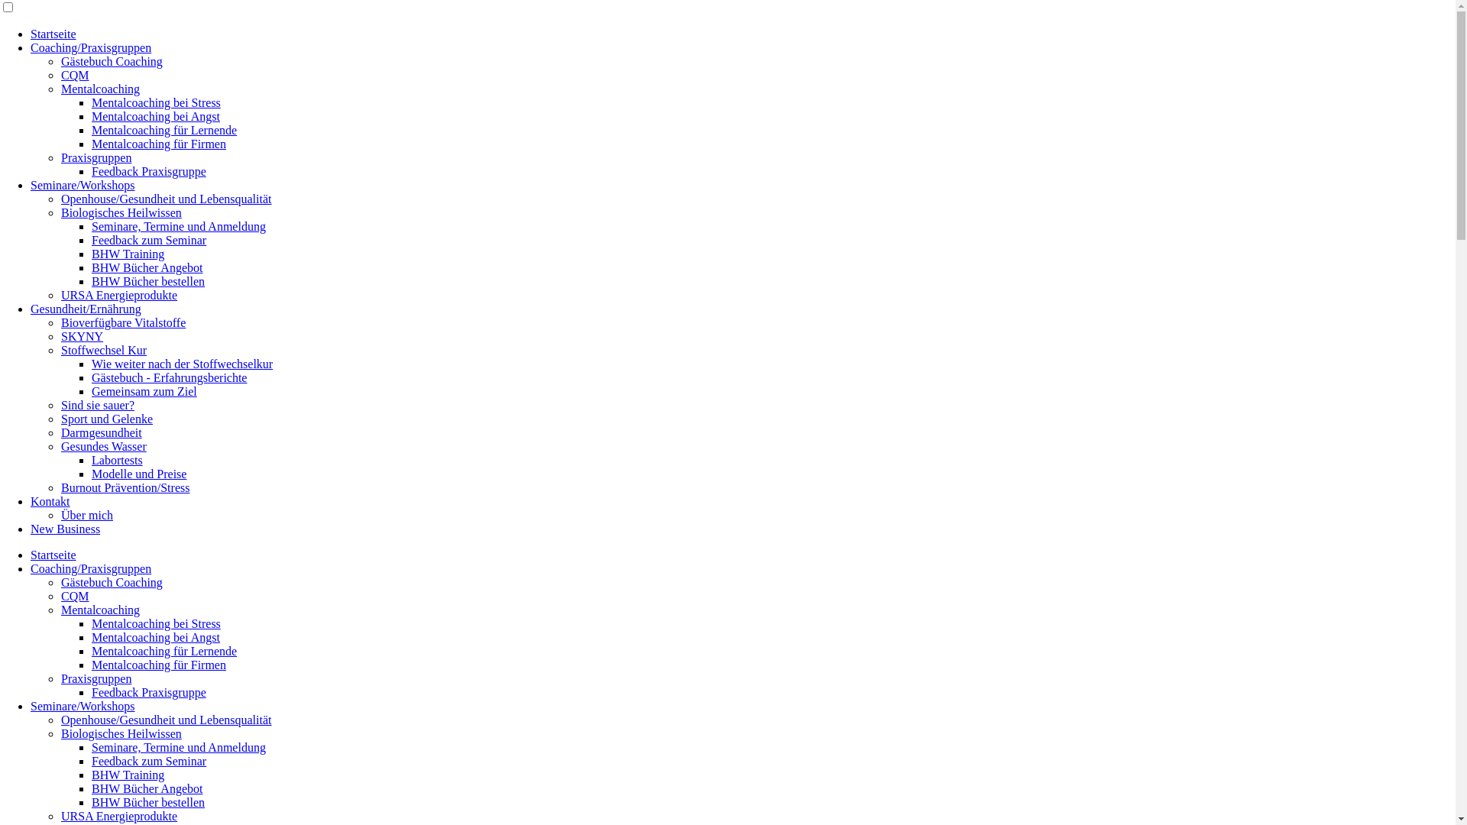  I want to click on 'Mentalcoaching bei Stress', so click(156, 102).